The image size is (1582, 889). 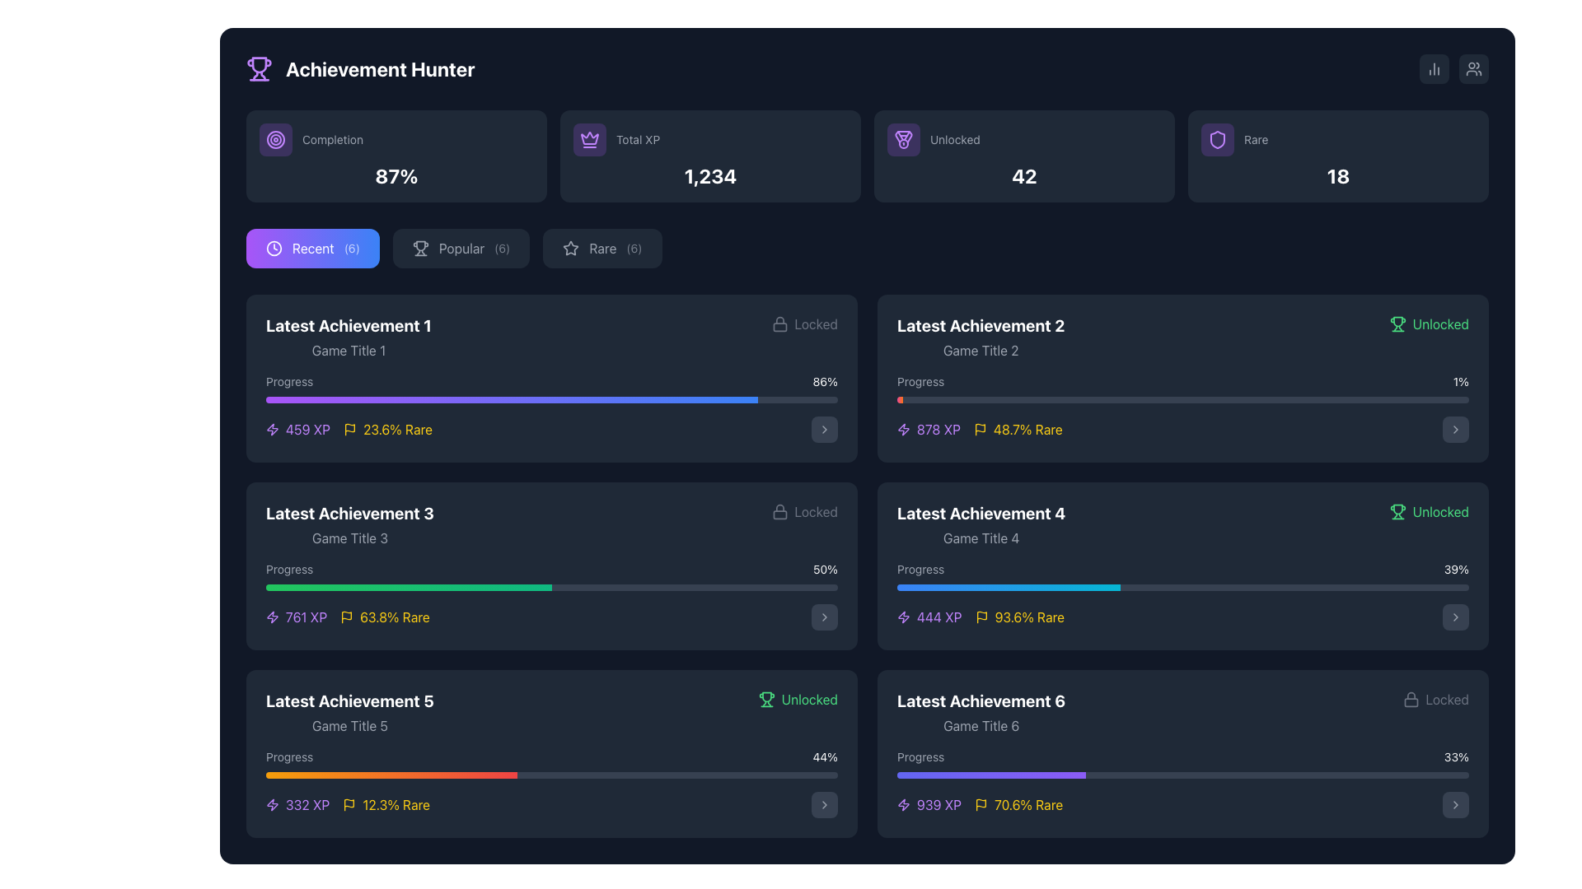 What do you see at coordinates (1410, 702) in the screenshot?
I see `the bottom rectangular segment of the lock icon representing 'Latest Achievement 6' located in the top-right corner of the achievement widget` at bounding box center [1410, 702].